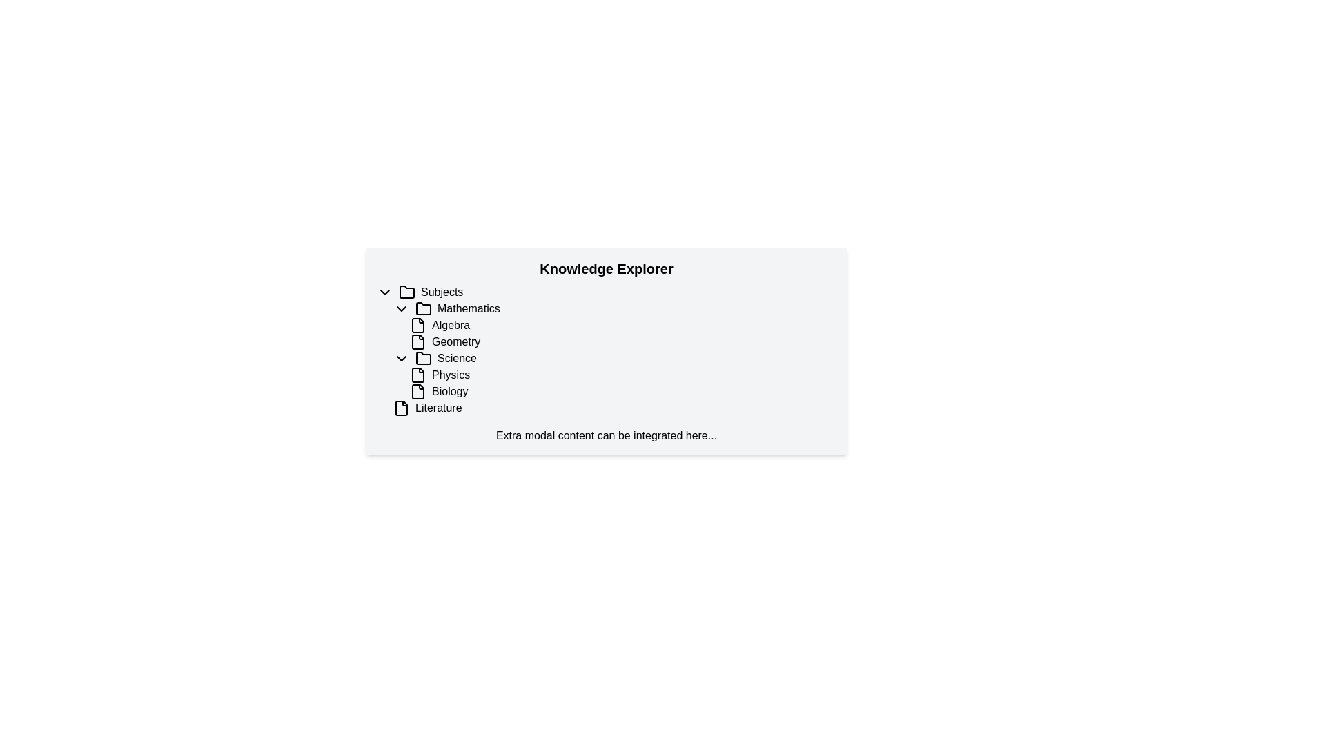  I want to click on the 'Mathematics' text label, so click(469, 308).